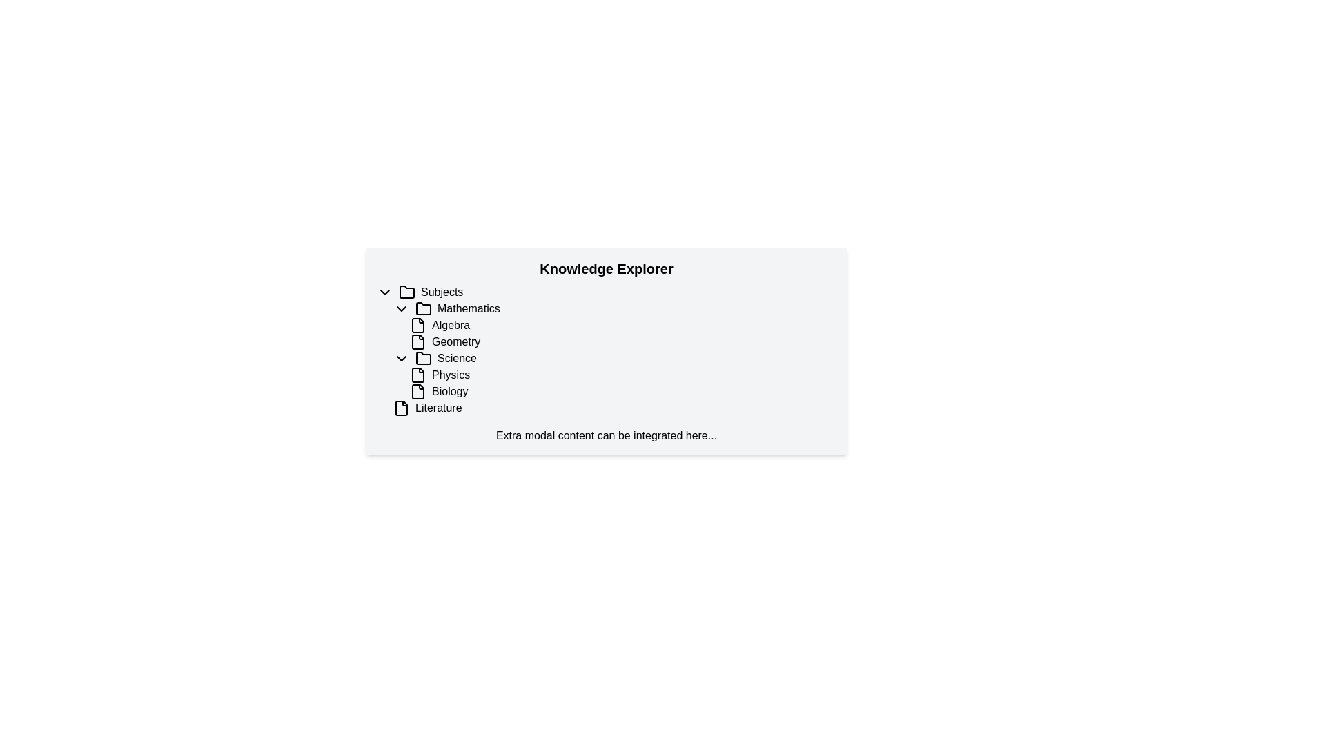  I want to click on the 'Mathematics' text label, so click(469, 308).